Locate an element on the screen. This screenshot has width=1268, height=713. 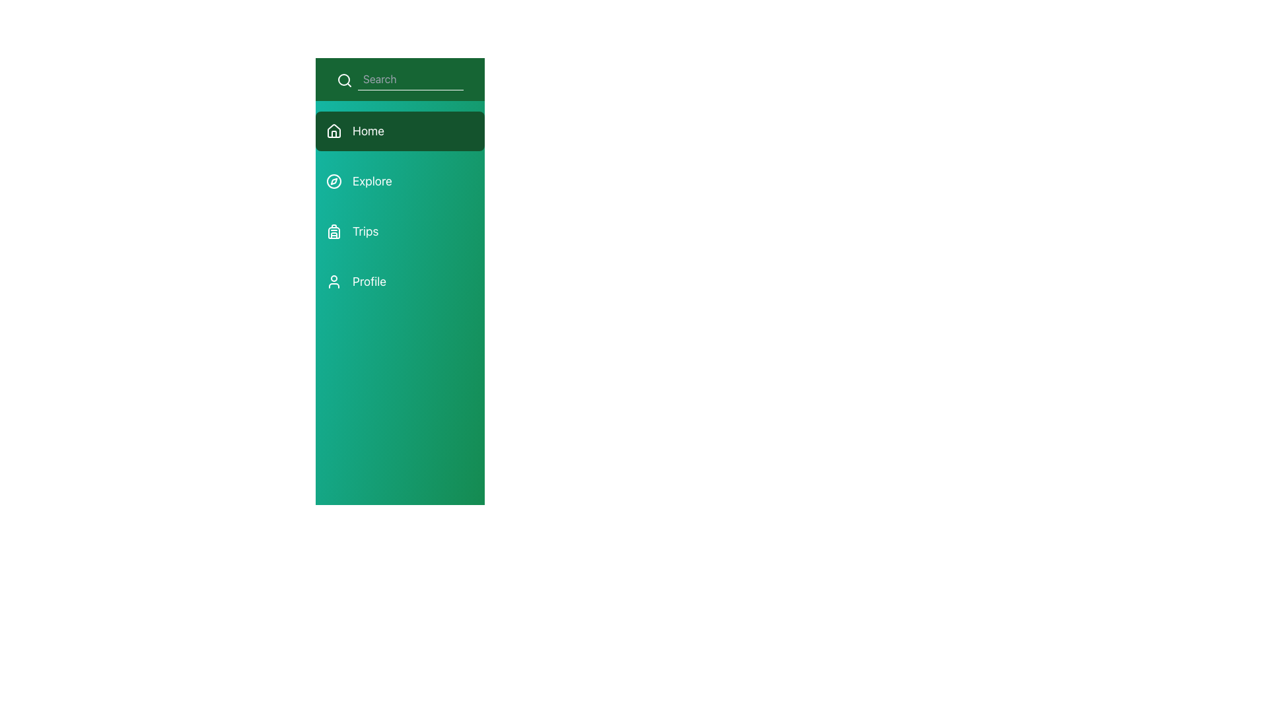
the 'Explore' button, which is the second interactive button in the vertical list of navigational buttons is located at coordinates (399, 181).